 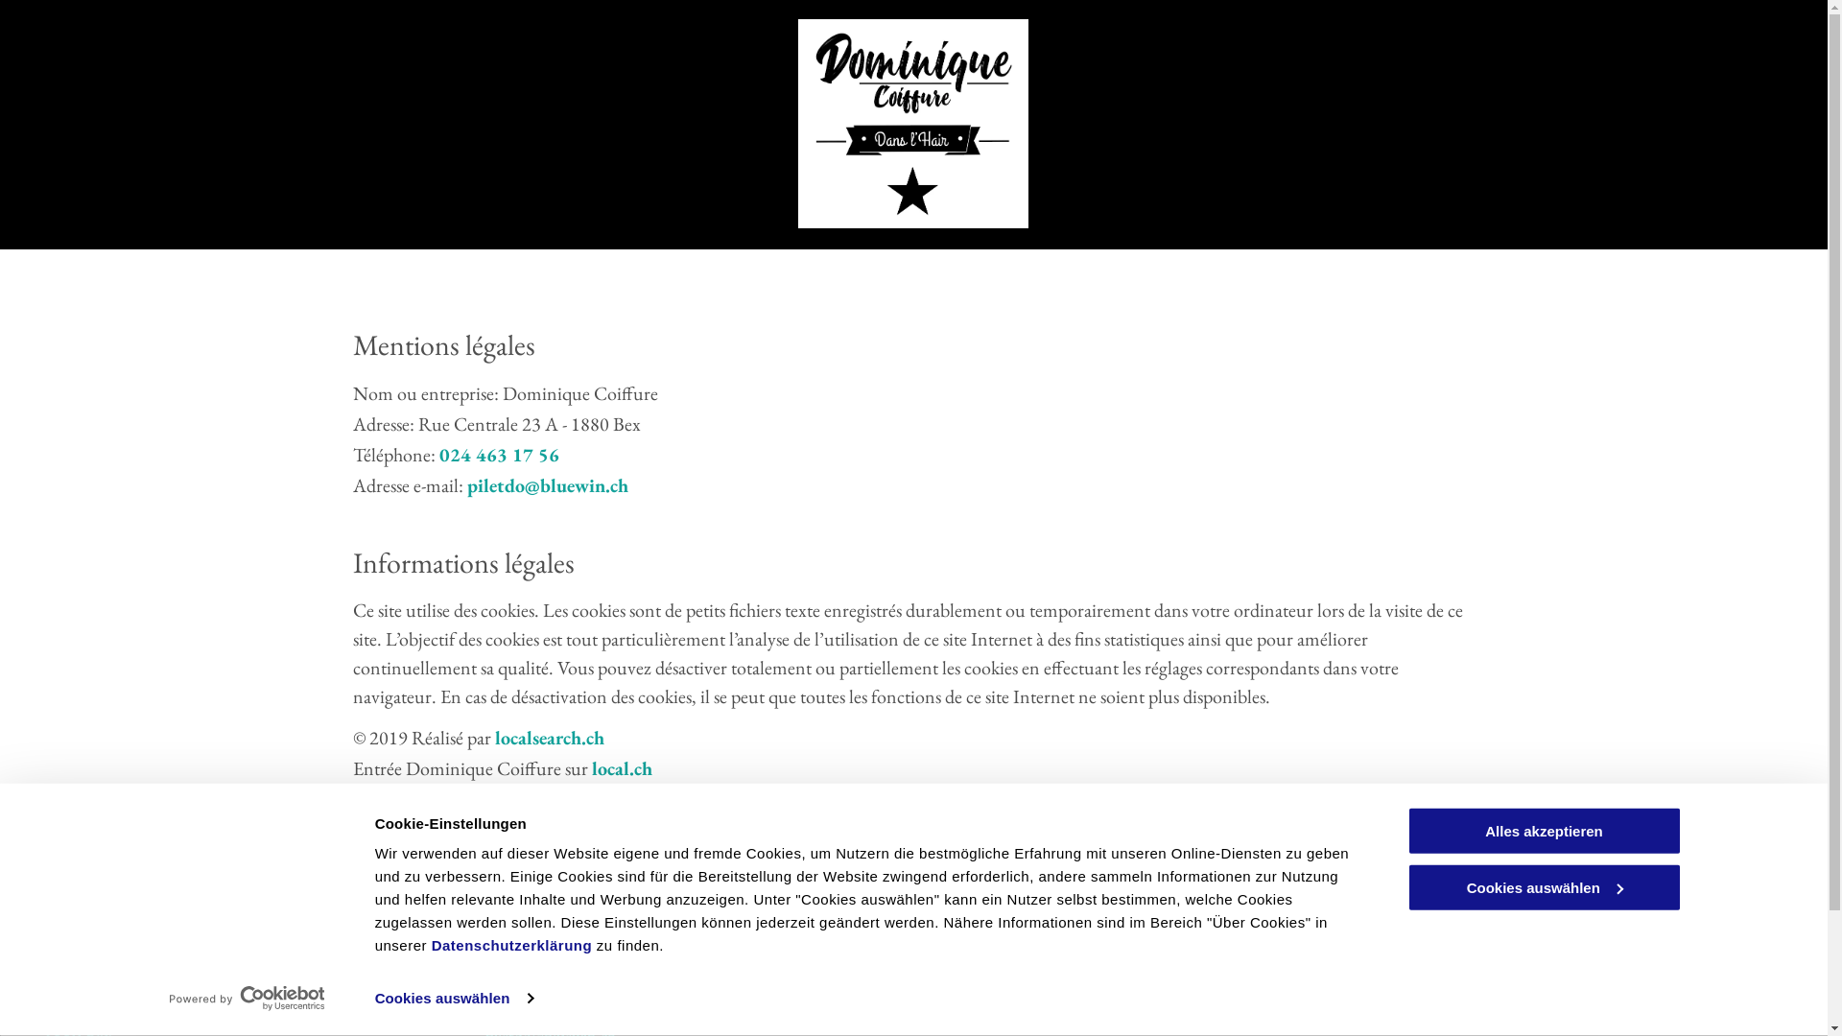 I want to click on 'search.ch', so click(x=589, y=799).